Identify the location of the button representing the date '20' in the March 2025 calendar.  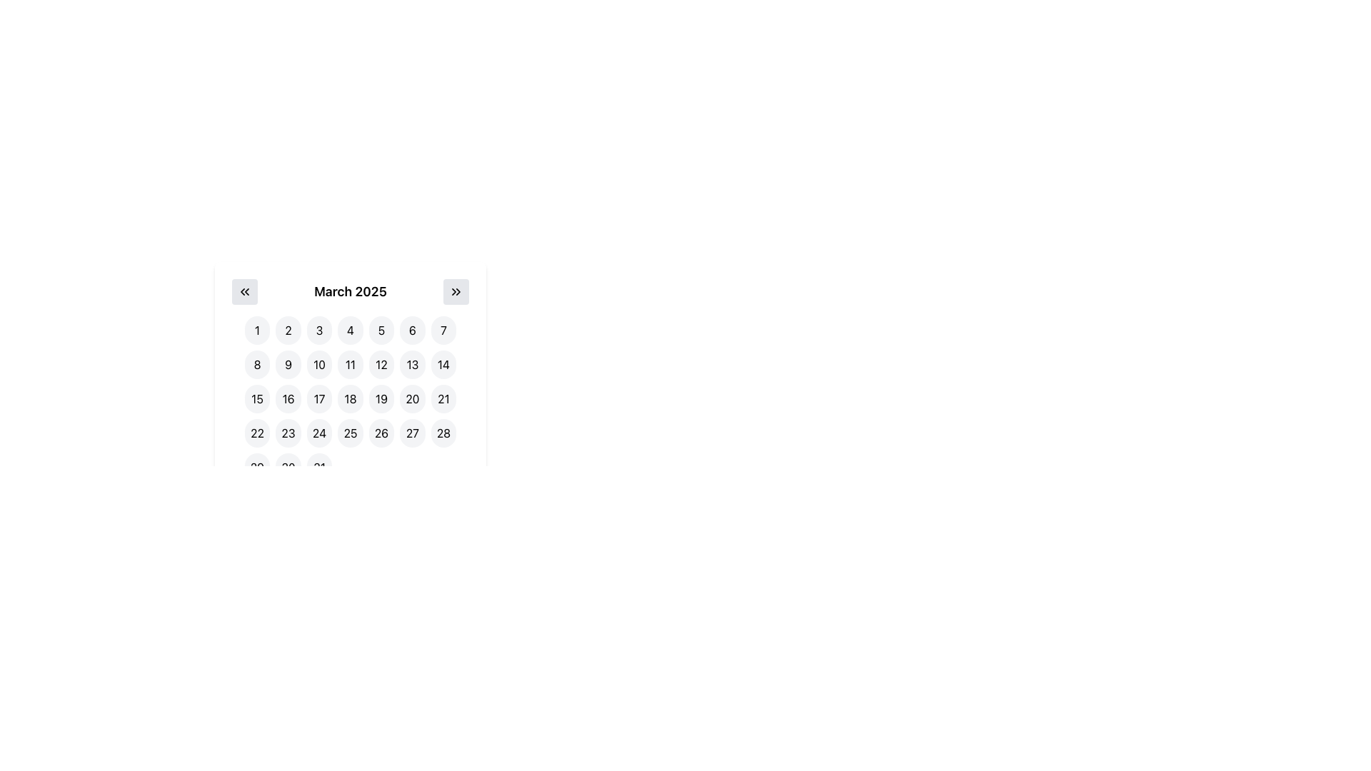
(411, 399).